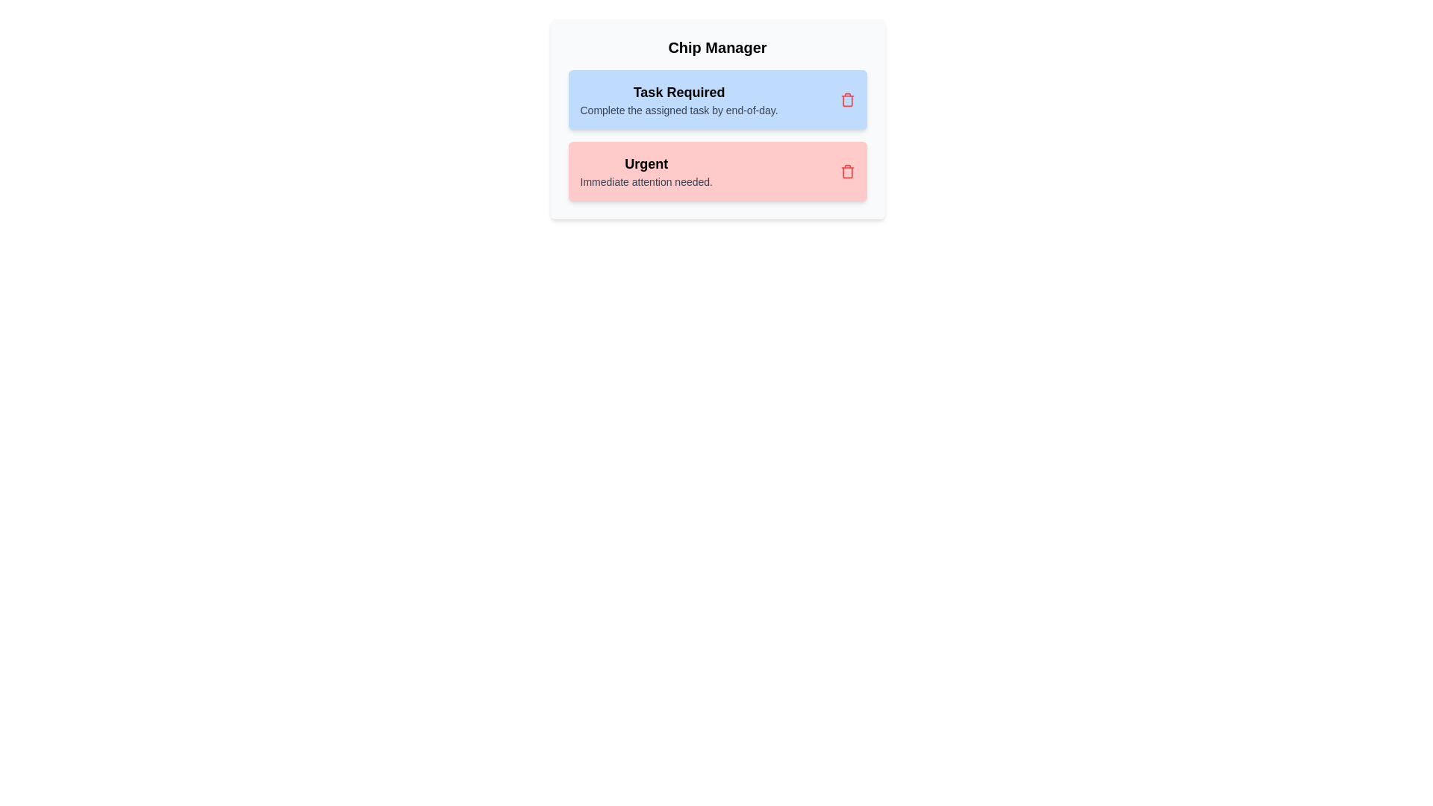  I want to click on the delete button for the chip labeled 'Task Required', so click(847, 100).